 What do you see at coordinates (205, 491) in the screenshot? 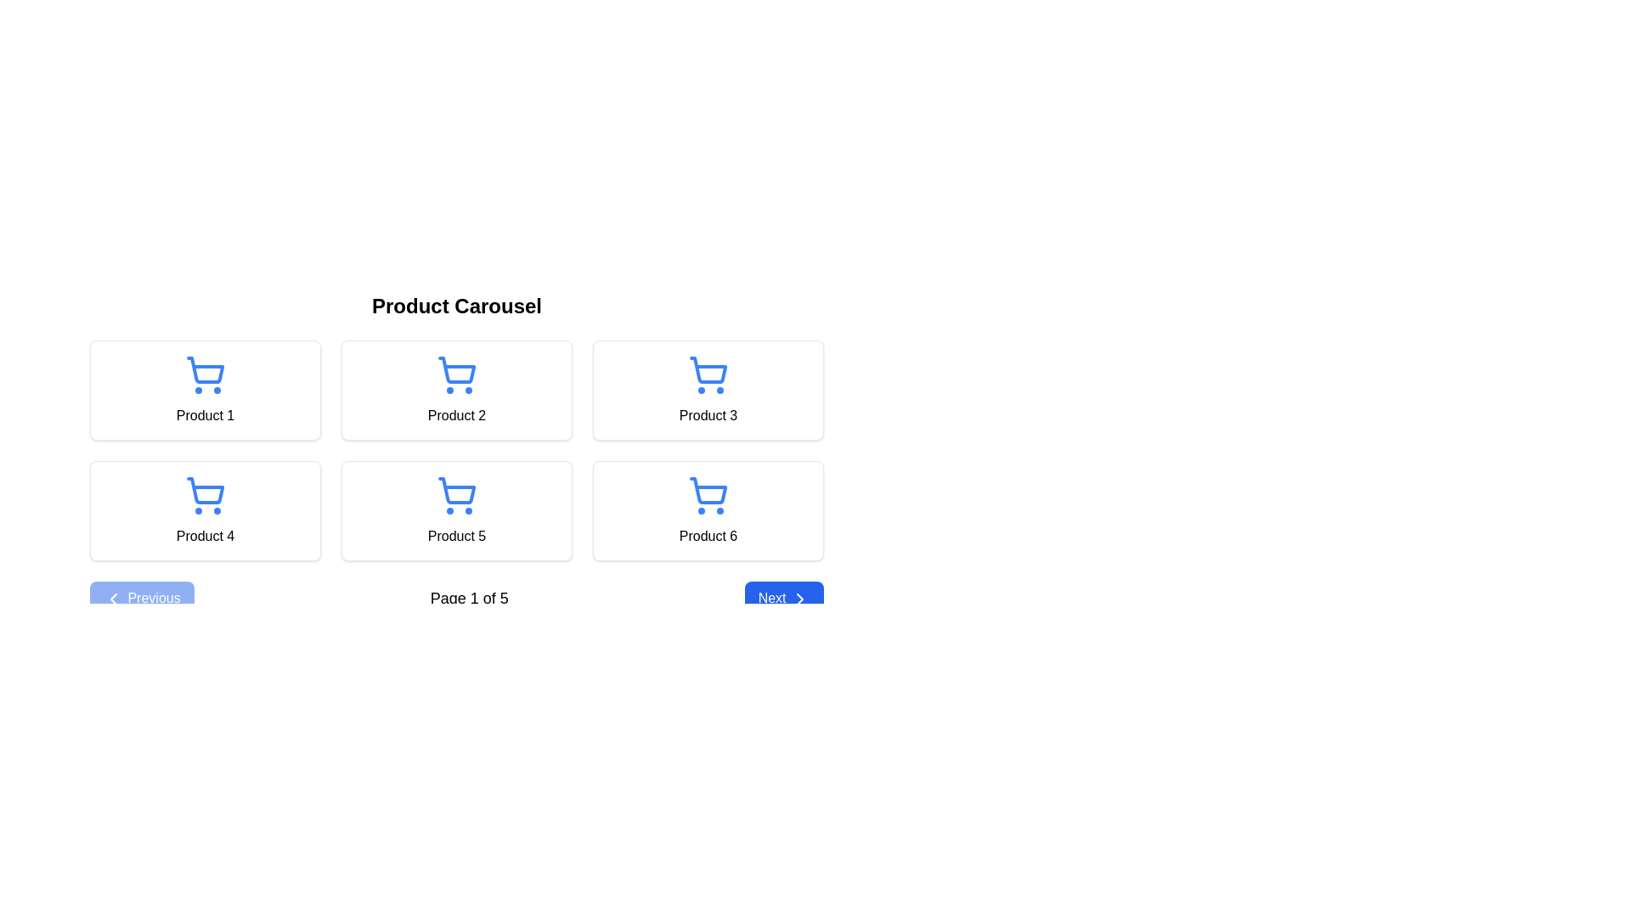
I see `the main body of the shopping cart icon located in the 'Product 4' cell of the product carousel grid` at bounding box center [205, 491].